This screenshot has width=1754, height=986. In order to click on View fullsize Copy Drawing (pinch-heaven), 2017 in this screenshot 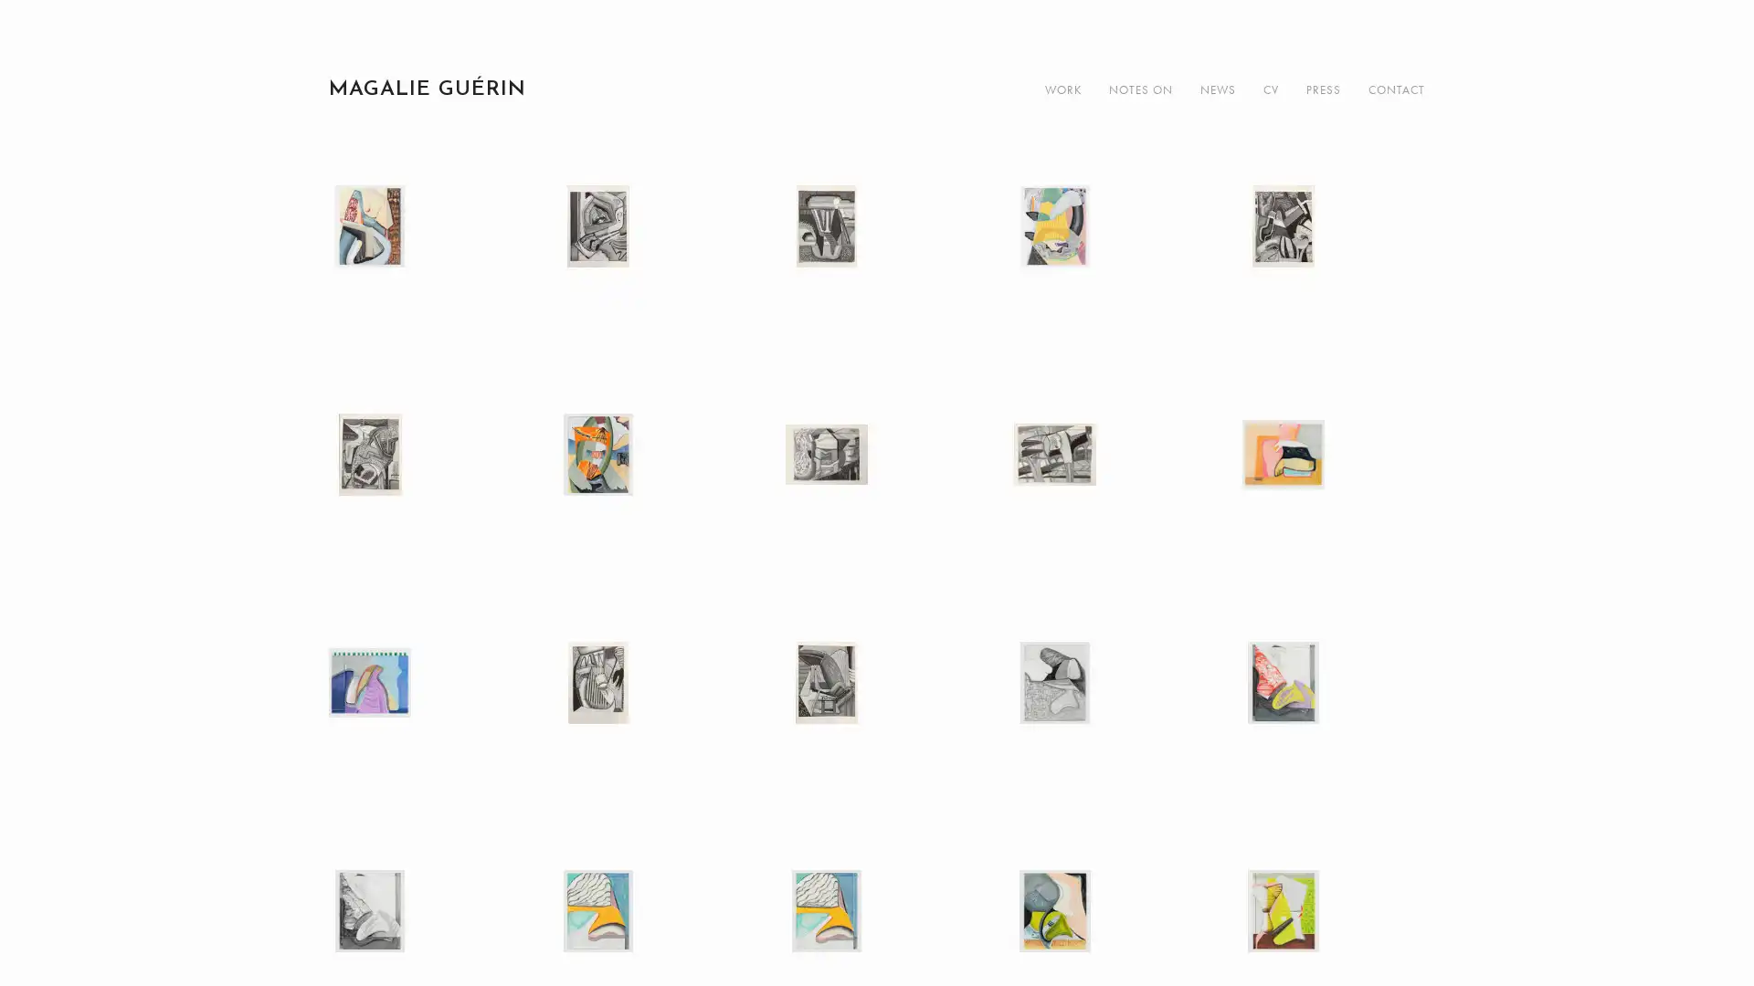, I will do `click(1104, 277)`.